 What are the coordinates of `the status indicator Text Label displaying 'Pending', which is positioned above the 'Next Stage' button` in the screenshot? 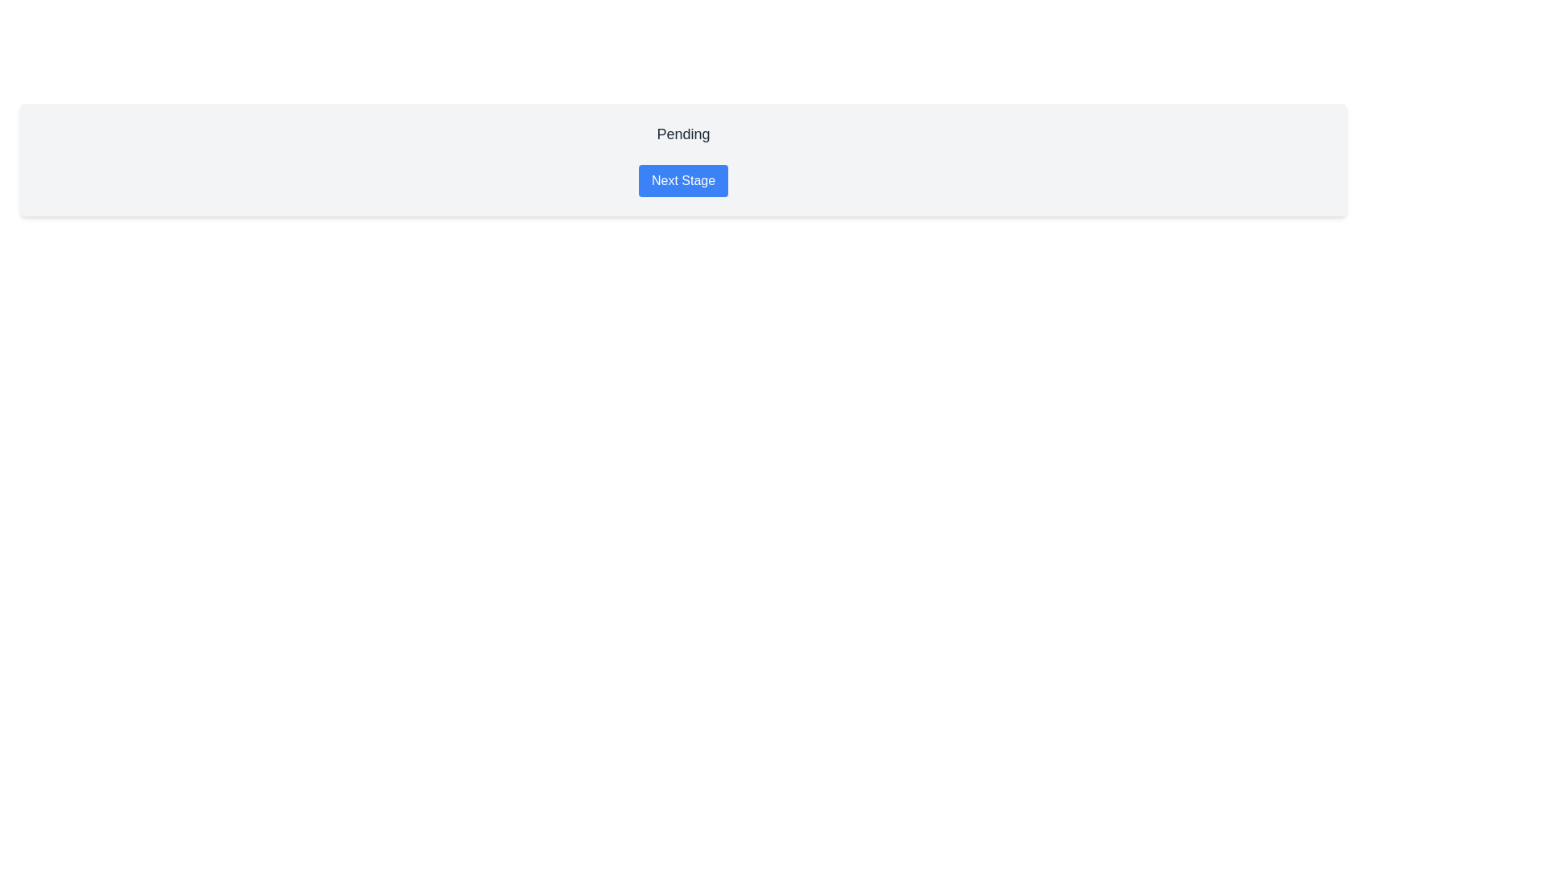 It's located at (683, 136).